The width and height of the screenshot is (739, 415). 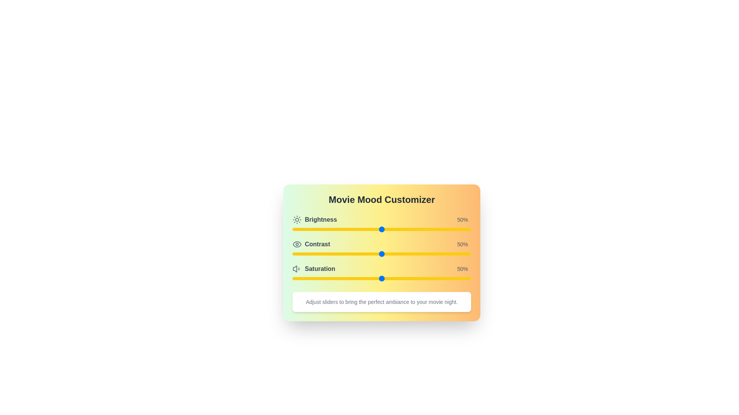 What do you see at coordinates (326, 229) in the screenshot?
I see `brightness` at bounding box center [326, 229].